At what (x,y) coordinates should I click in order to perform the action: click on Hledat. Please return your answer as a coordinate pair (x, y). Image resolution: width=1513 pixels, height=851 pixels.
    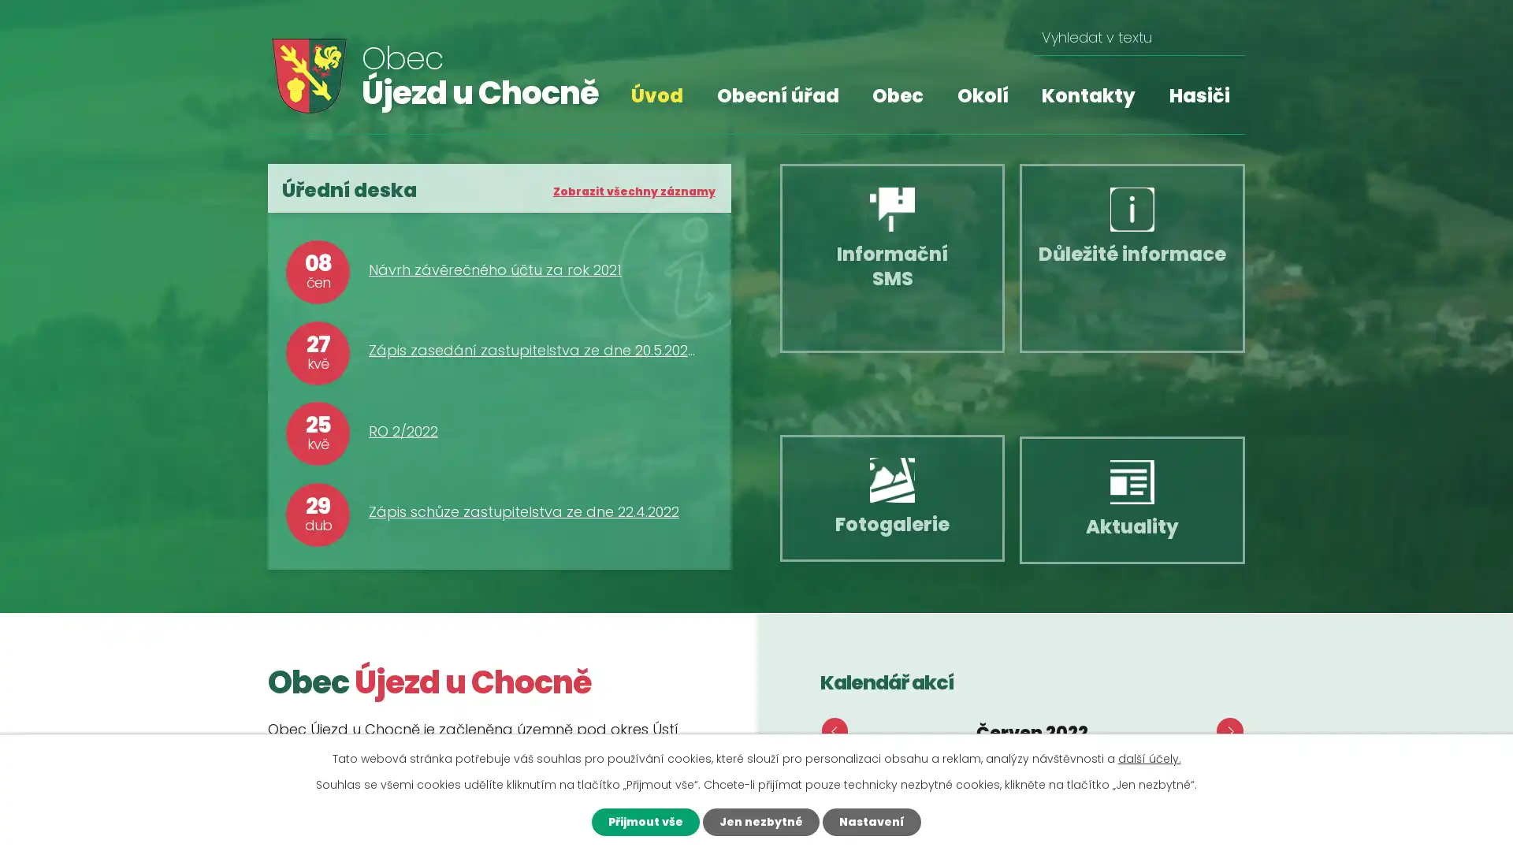
    Looking at the image, I should click on (1226, 37).